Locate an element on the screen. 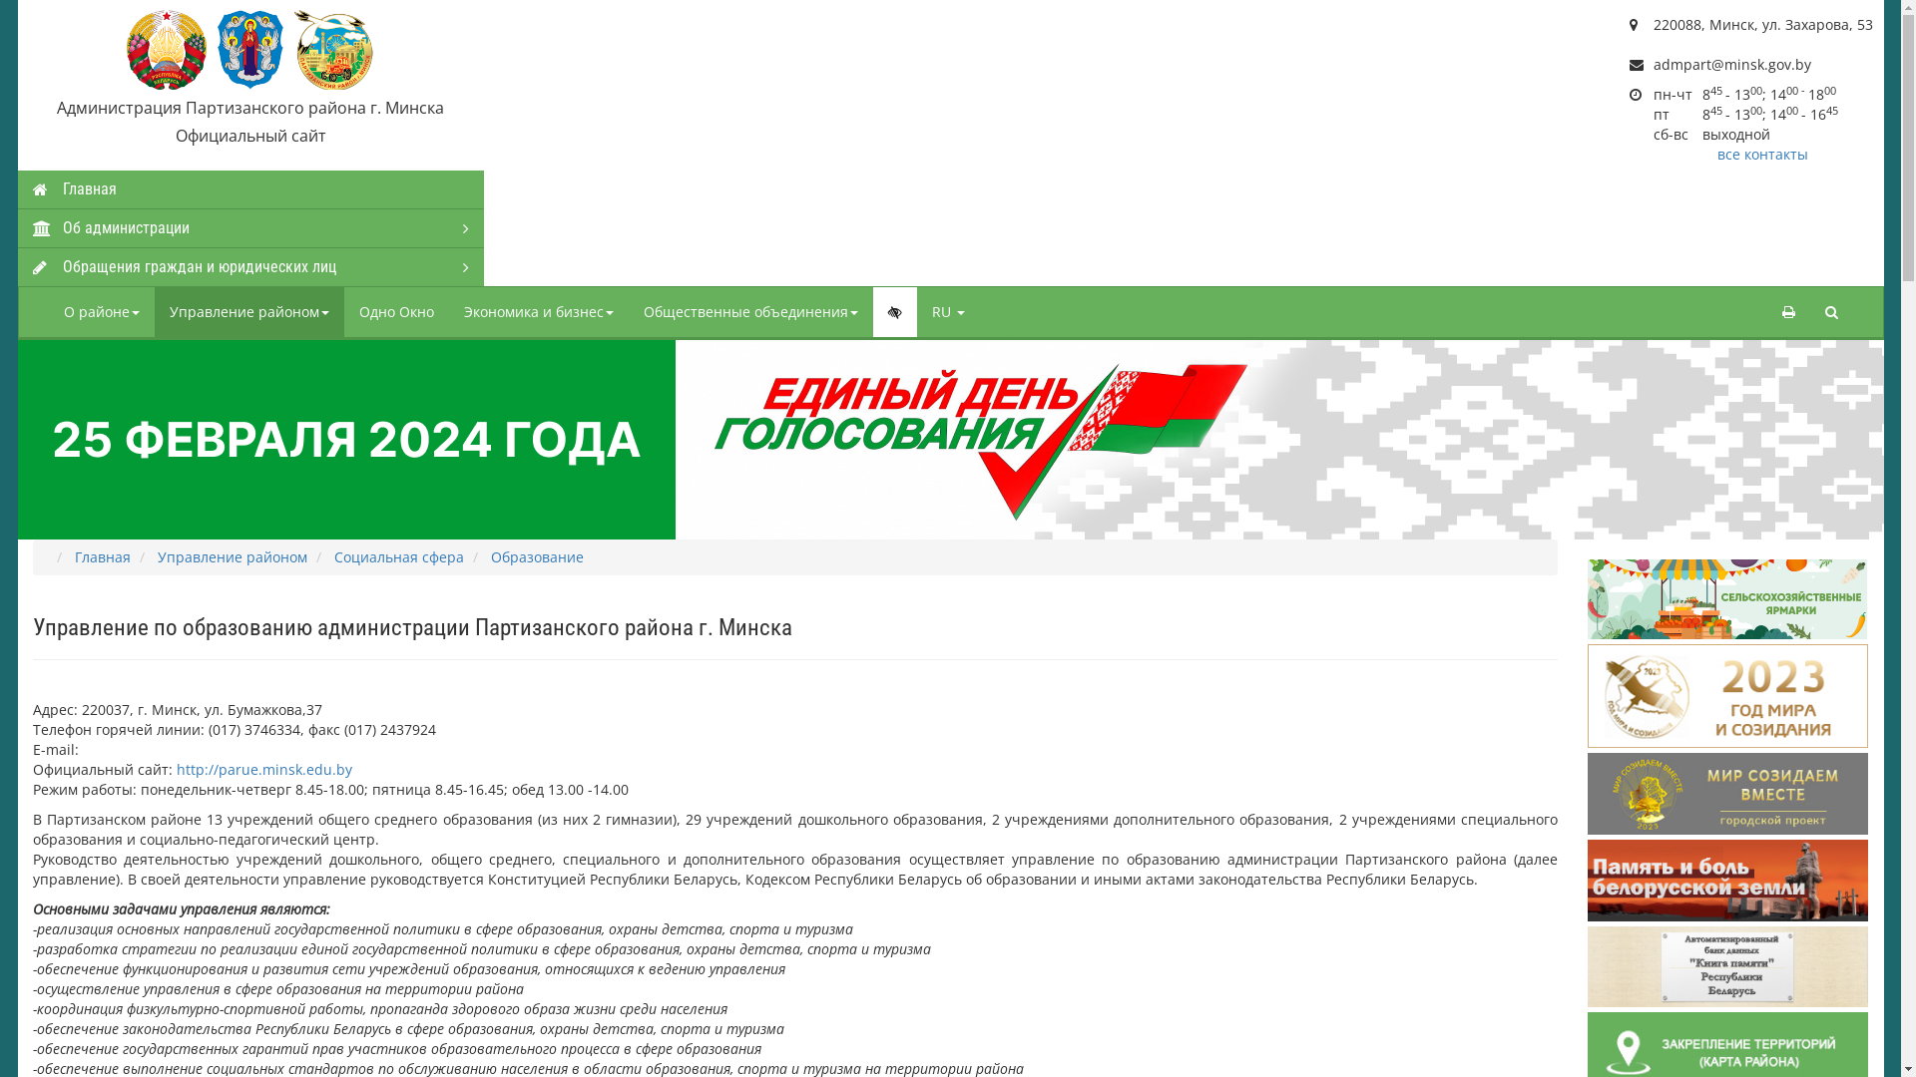 This screenshot has height=1077, width=1916. 'RU' is located at coordinates (914, 311).